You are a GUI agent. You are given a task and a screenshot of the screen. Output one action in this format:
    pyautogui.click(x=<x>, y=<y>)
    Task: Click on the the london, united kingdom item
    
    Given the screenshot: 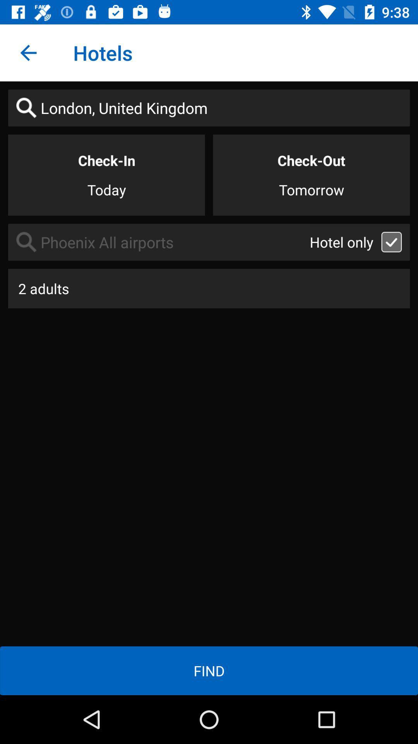 What is the action you would take?
    pyautogui.click(x=209, y=107)
    